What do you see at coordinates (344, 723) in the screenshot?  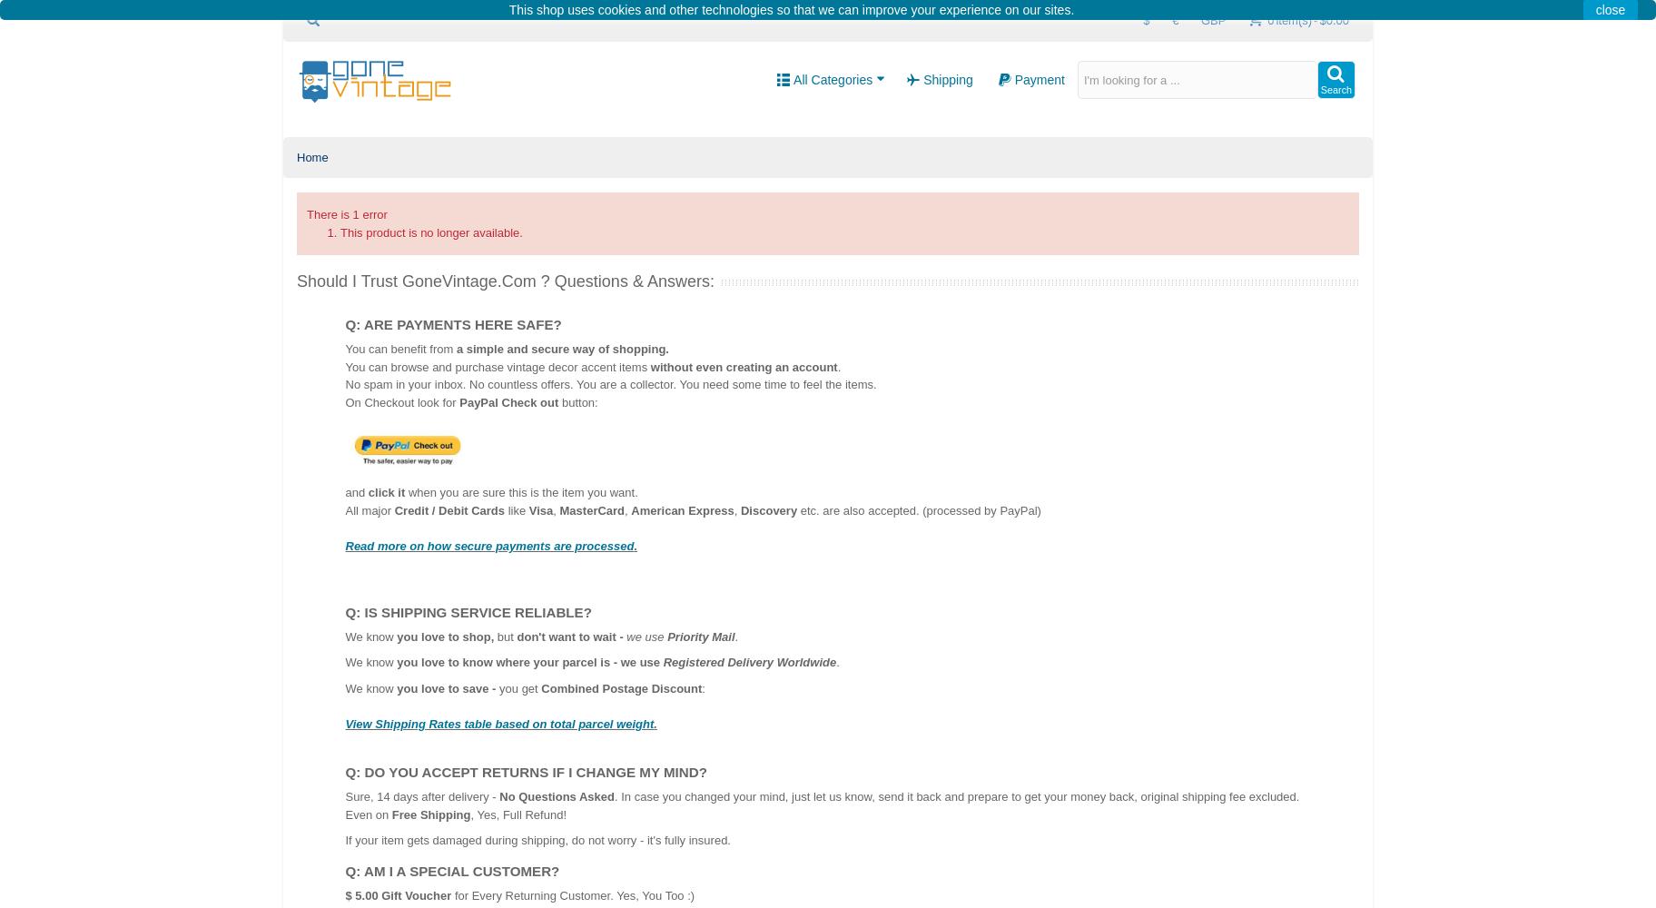 I see `'View Shipping Rates table based on total parcel weight'` at bounding box center [344, 723].